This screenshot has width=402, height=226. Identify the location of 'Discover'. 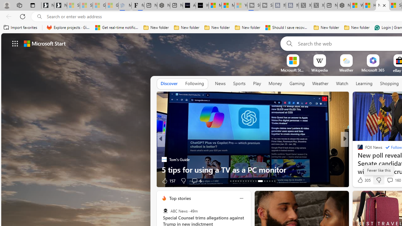
(169, 83).